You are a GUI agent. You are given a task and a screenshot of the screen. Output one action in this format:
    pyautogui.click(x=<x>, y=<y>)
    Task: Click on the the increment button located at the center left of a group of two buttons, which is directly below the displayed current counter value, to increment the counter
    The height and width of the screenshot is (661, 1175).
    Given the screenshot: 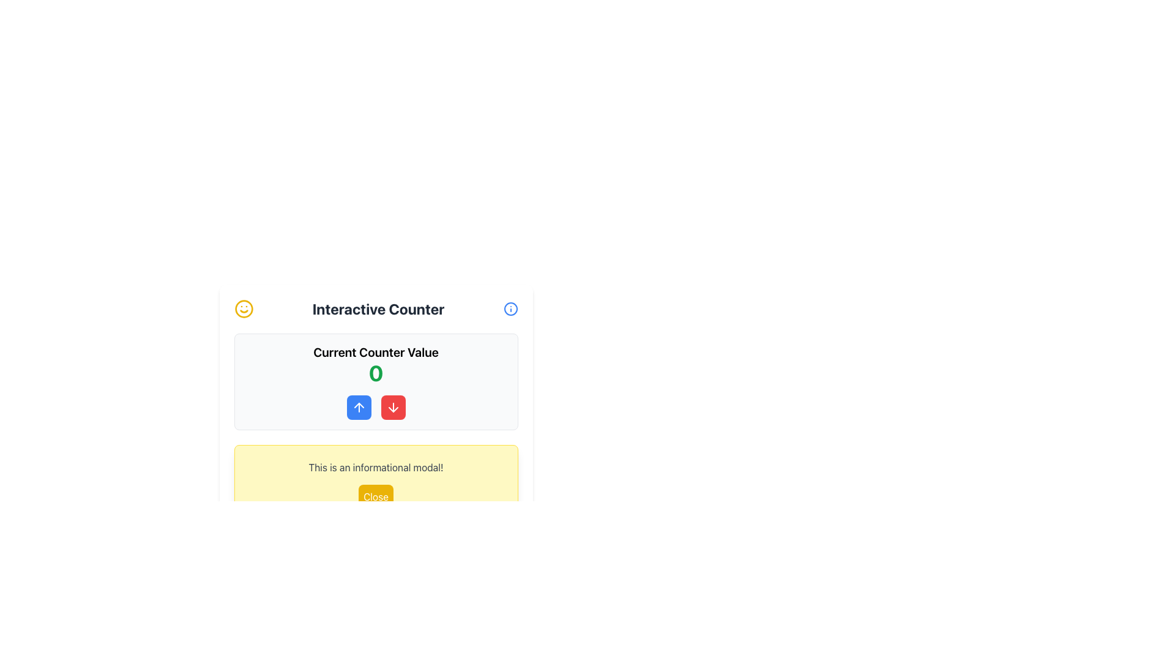 What is the action you would take?
    pyautogui.click(x=358, y=408)
    